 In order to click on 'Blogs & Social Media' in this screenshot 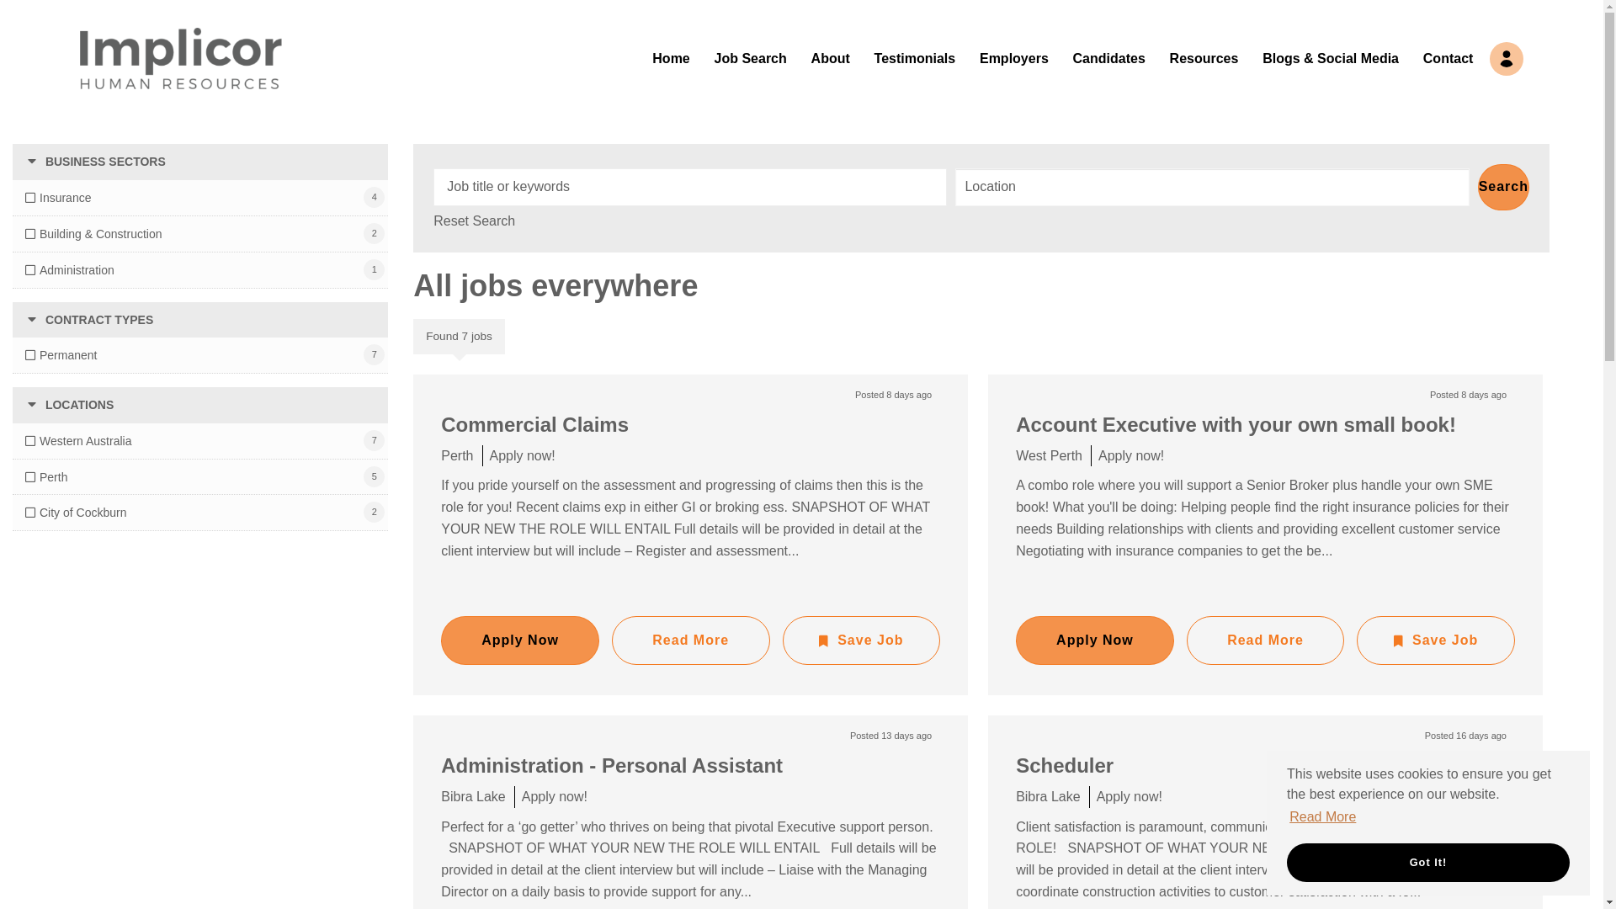, I will do `click(1329, 57)`.